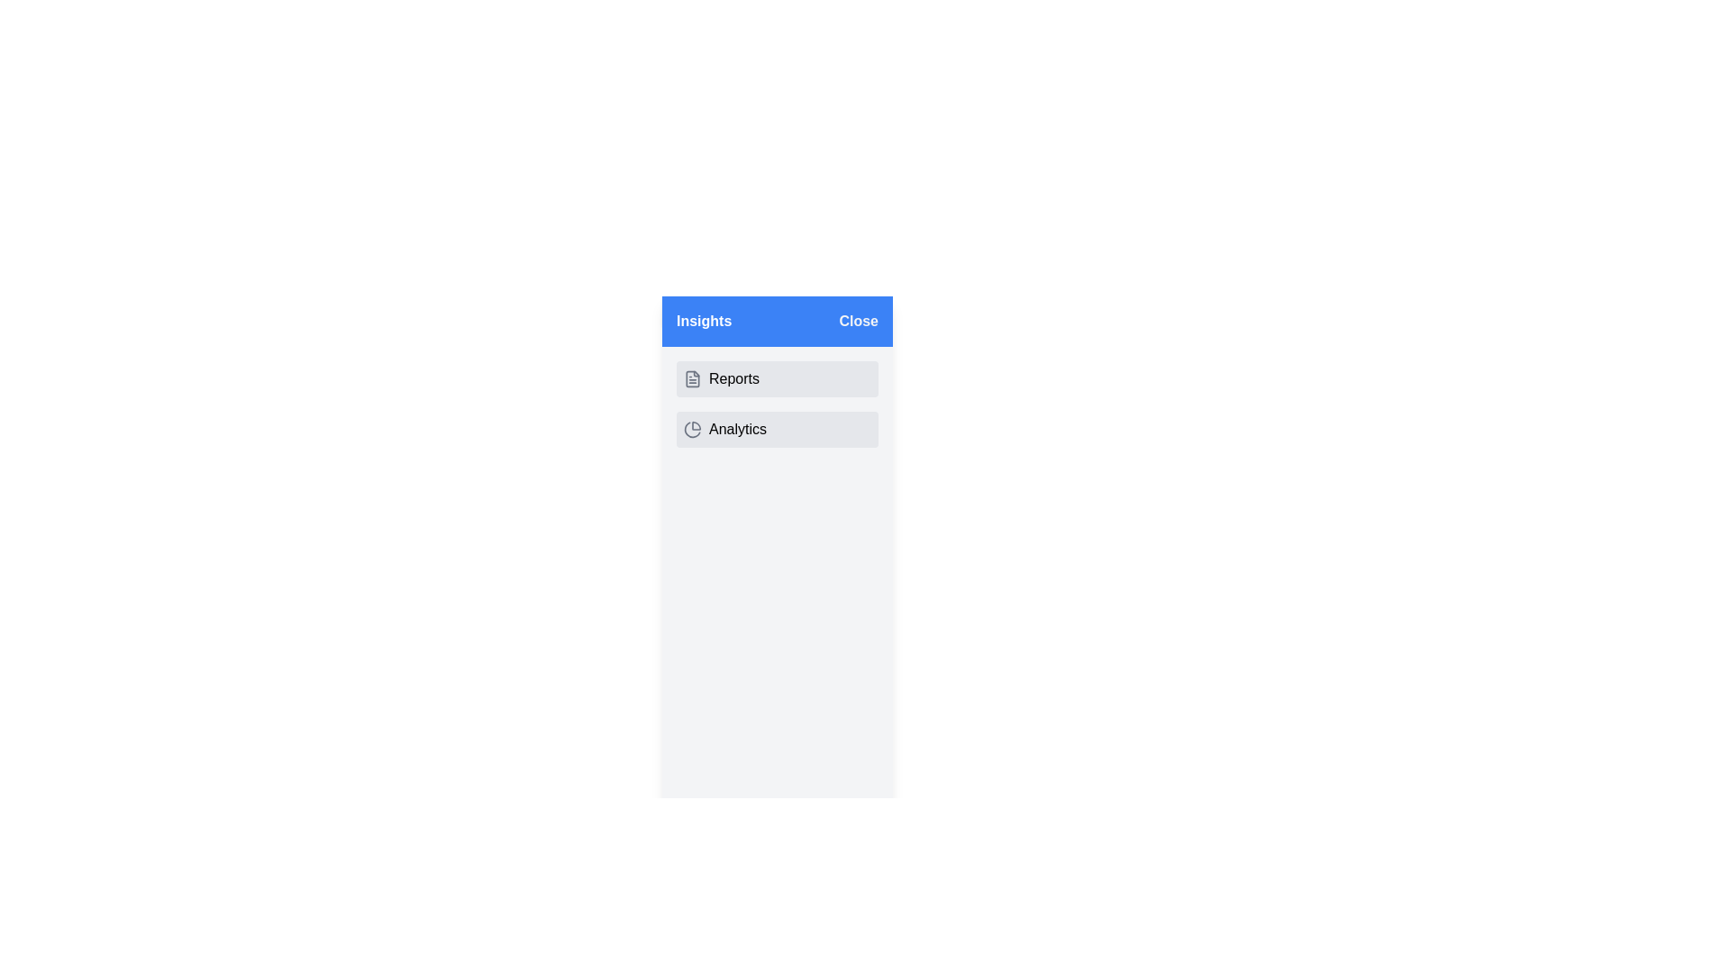 This screenshot has height=973, width=1730. I want to click on the pie chart icon with a gray outline that is adjacent to the 'Analytics' text, so click(691, 430).